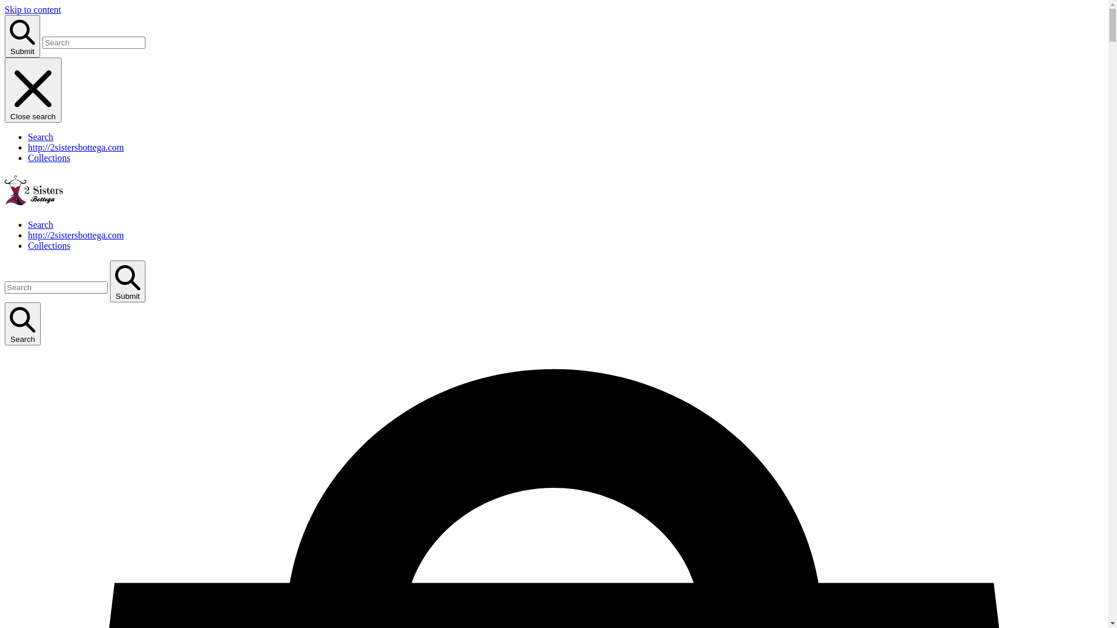 The width and height of the screenshot is (1117, 628). Describe the element at coordinates (33, 89) in the screenshot. I see `'Close search'` at that location.